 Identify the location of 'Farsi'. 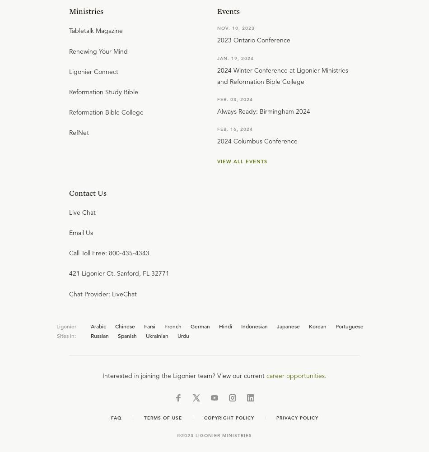
(149, 326).